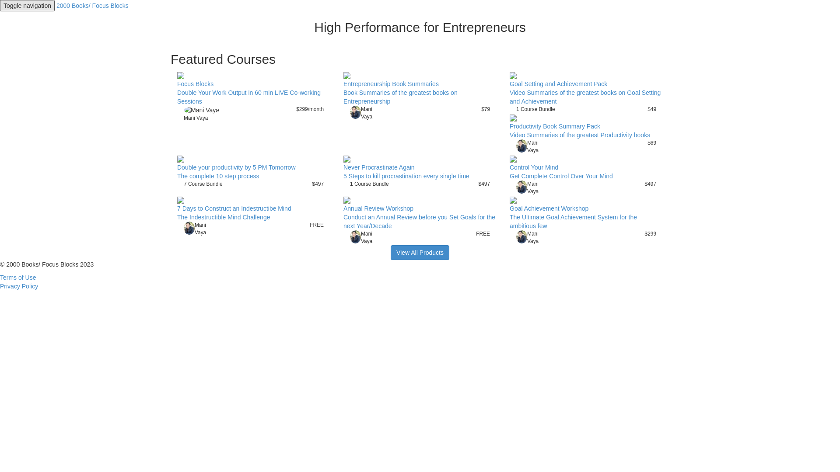 The image size is (840, 472). Describe the element at coordinates (0, 286) in the screenshot. I see `'Privacy Policy'` at that location.